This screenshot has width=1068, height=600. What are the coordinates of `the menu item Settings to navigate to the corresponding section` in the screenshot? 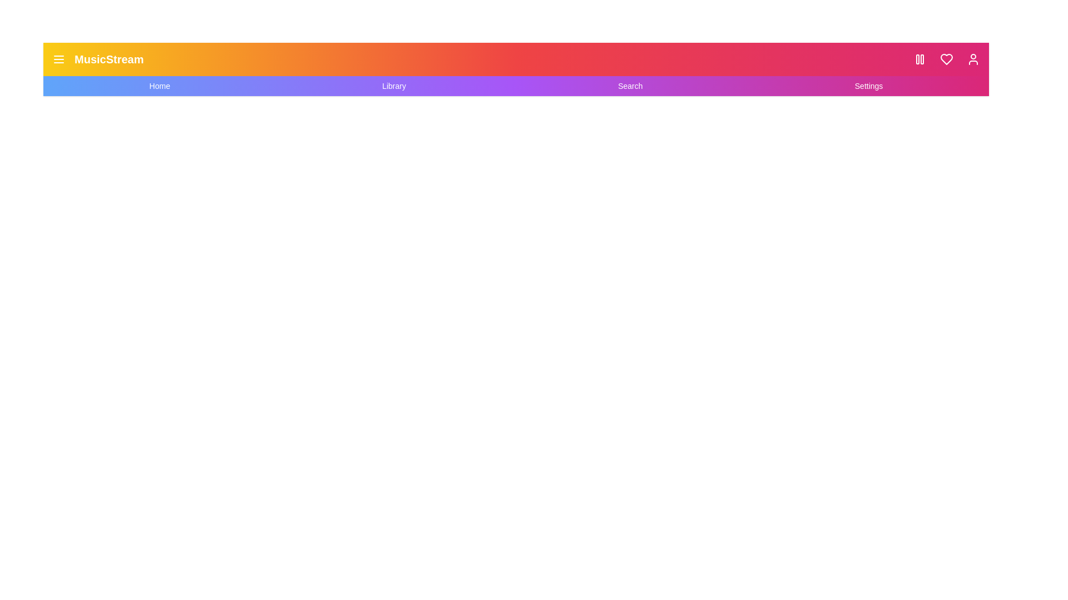 It's located at (868, 85).